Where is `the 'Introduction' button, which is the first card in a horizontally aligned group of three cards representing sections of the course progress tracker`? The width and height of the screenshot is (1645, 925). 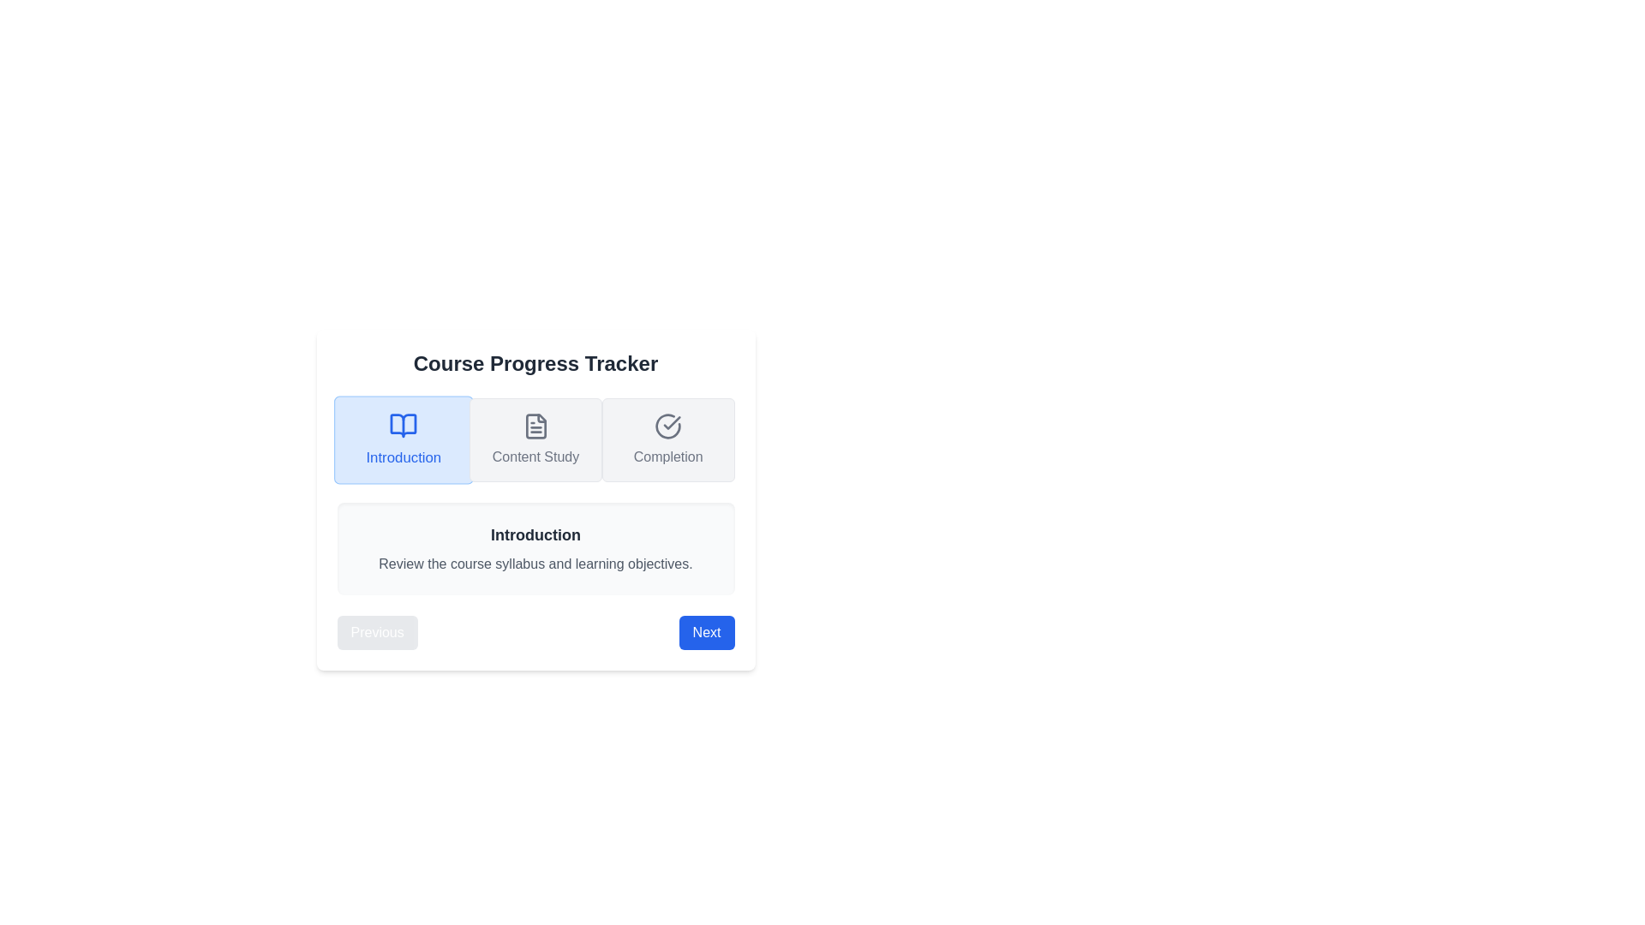
the 'Introduction' button, which is the first card in a horizontally aligned group of three cards representing sections of the course progress tracker is located at coordinates (402, 439).